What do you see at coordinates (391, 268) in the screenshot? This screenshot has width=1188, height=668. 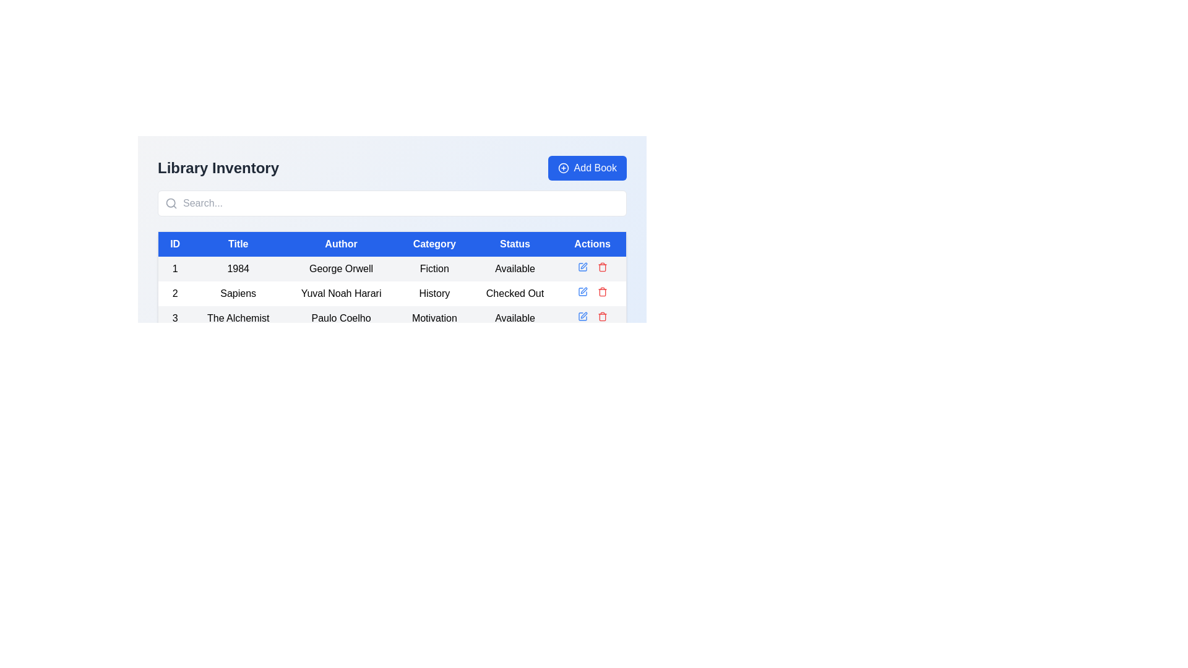 I see `data in the first row of the library inventory table, which contains details about the book '1984' by George Orwell` at bounding box center [391, 268].